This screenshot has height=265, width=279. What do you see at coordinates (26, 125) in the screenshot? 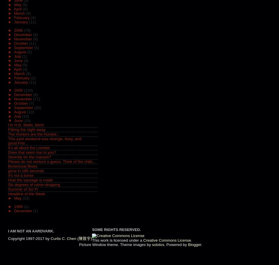
I see `'I'm H.G. Wells, bitch!'` at bounding box center [26, 125].